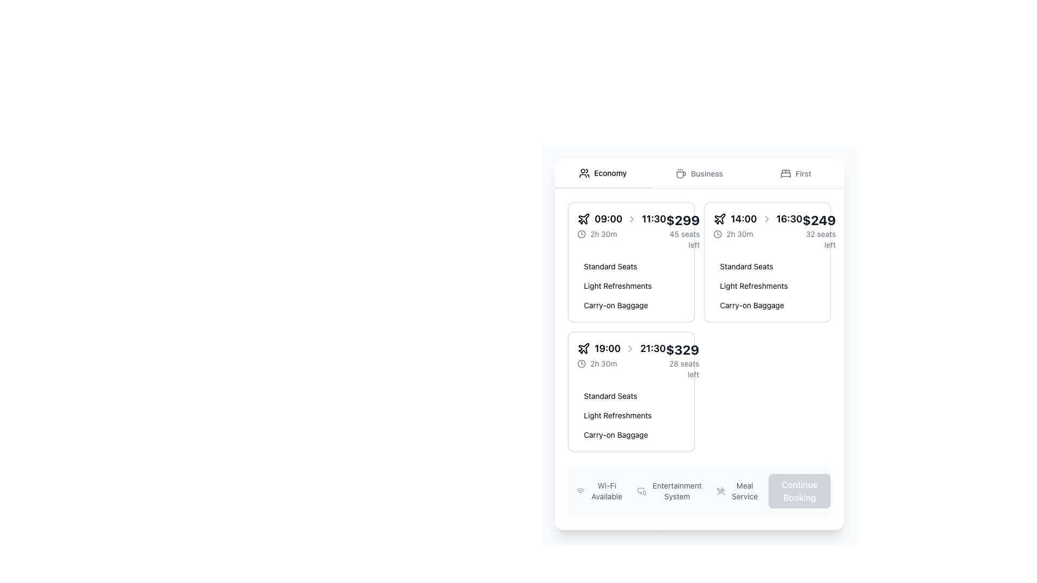  What do you see at coordinates (757, 219) in the screenshot?
I see `the flight time range element displaying '14:00 - 16:30' with an airplane icon, located in the upper-right flight entry of the second column` at bounding box center [757, 219].